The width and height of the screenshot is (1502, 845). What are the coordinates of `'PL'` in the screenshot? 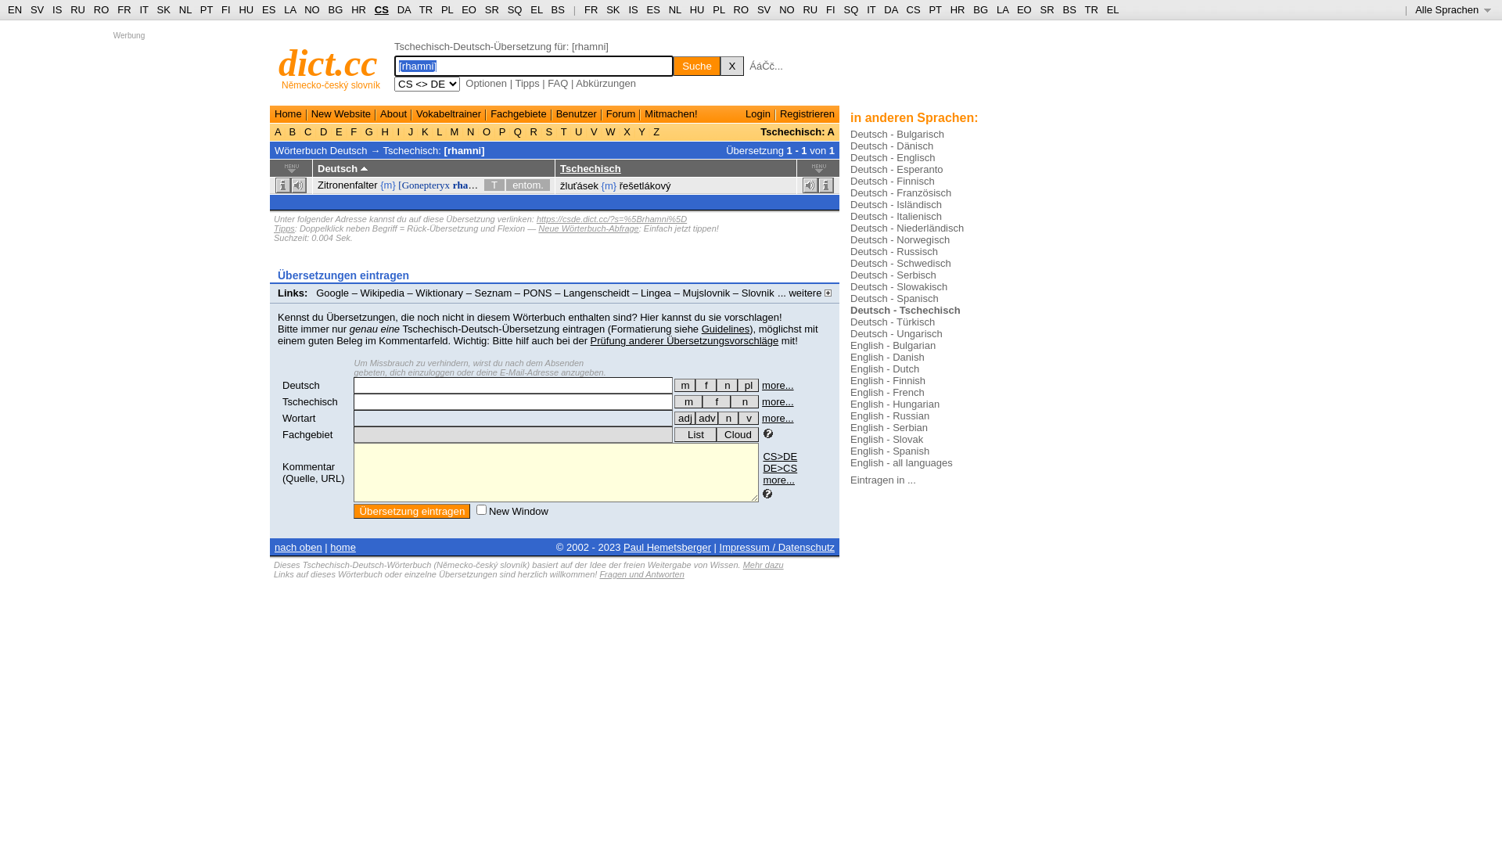 It's located at (717, 9).